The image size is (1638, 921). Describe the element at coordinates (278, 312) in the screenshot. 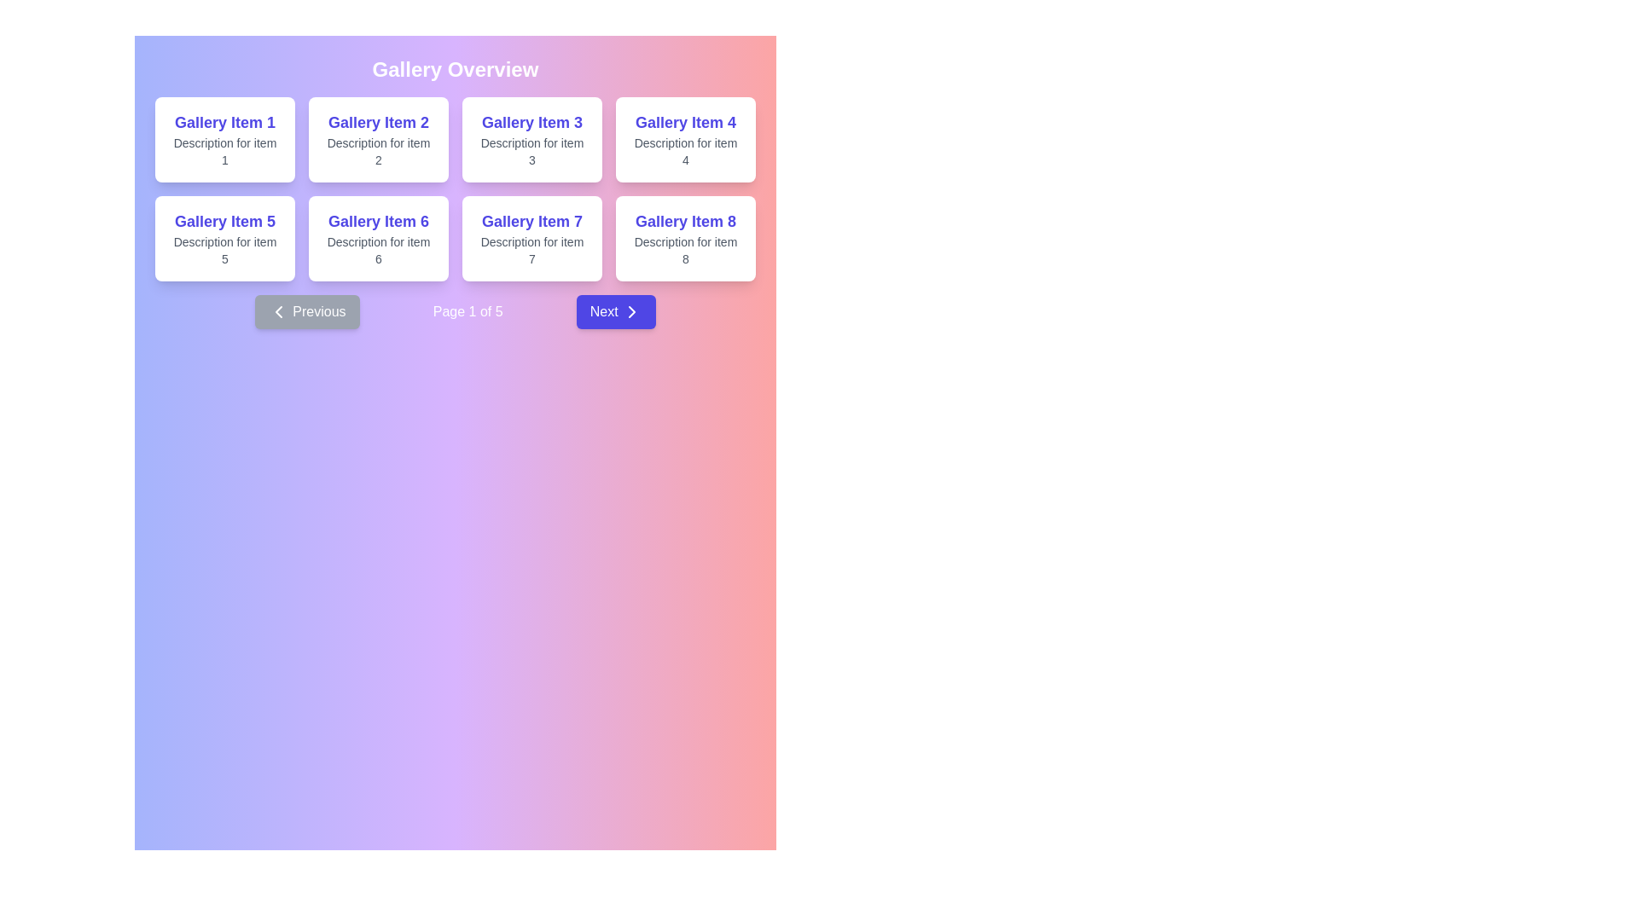

I see `the left-pointing chevron icon located to the left of the 'Previous' button for navigation purposes` at that location.